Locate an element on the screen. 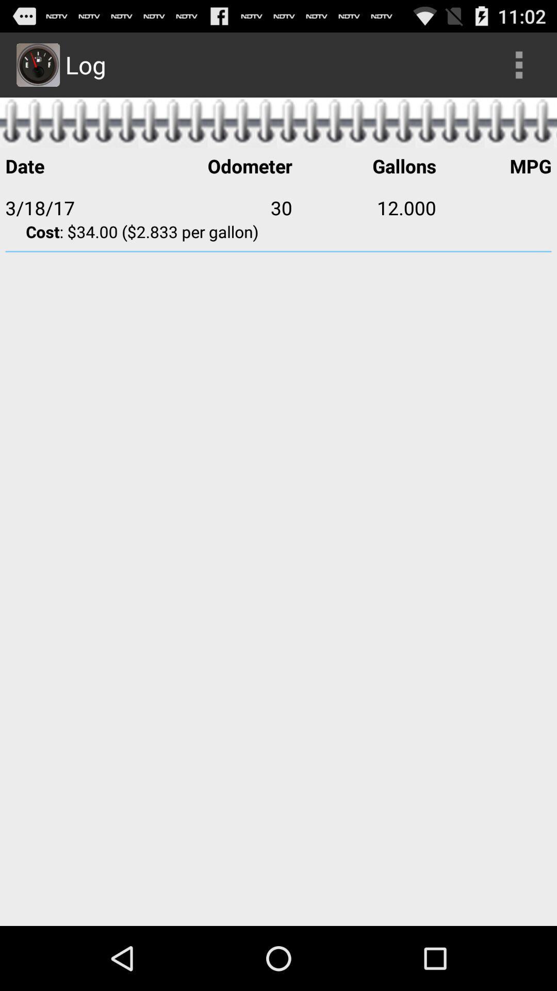 Image resolution: width=557 pixels, height=991 pixels. icon next to log item is located at coordinates (519, 64).